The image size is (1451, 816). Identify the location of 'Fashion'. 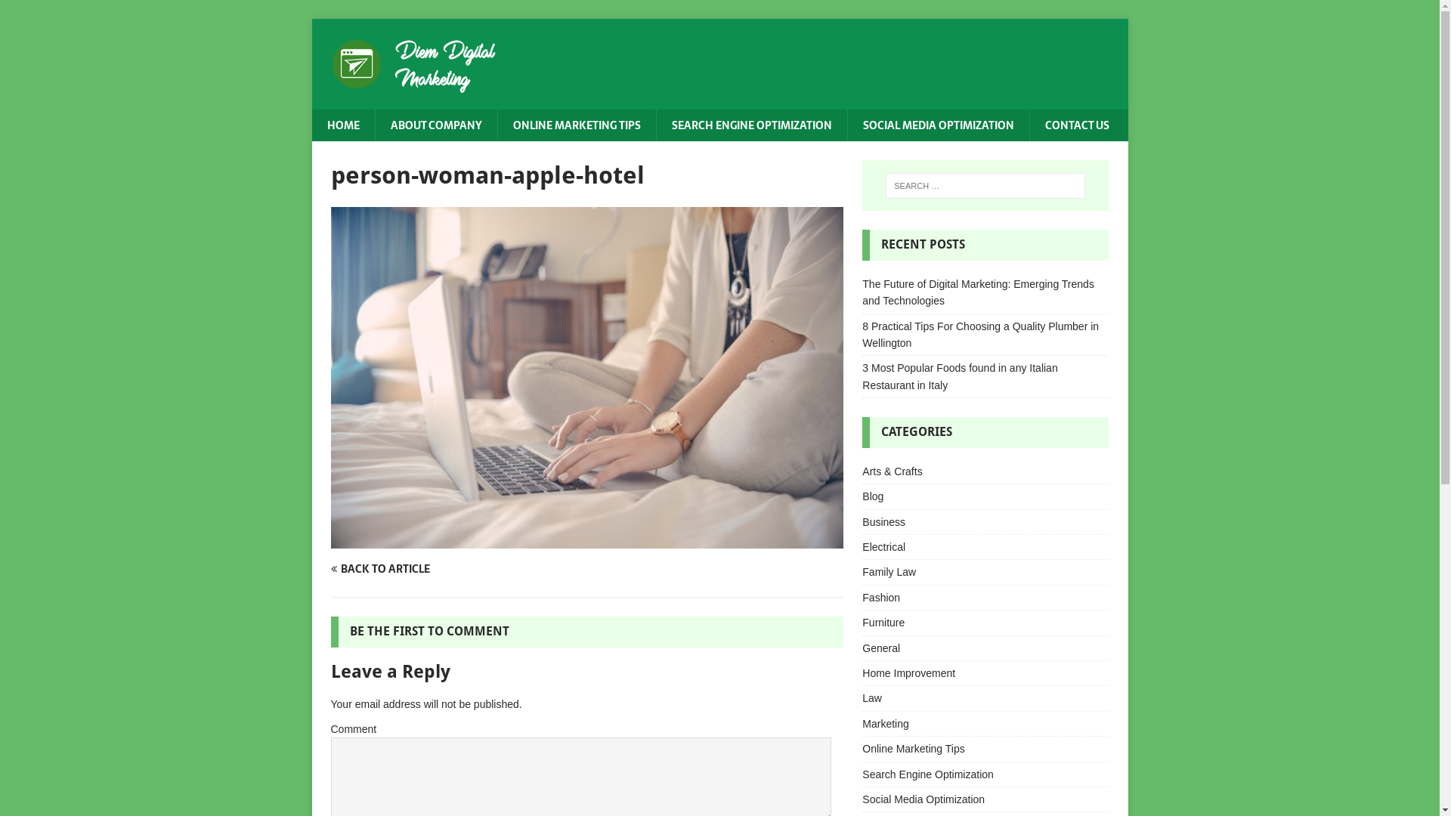
(985, 596).